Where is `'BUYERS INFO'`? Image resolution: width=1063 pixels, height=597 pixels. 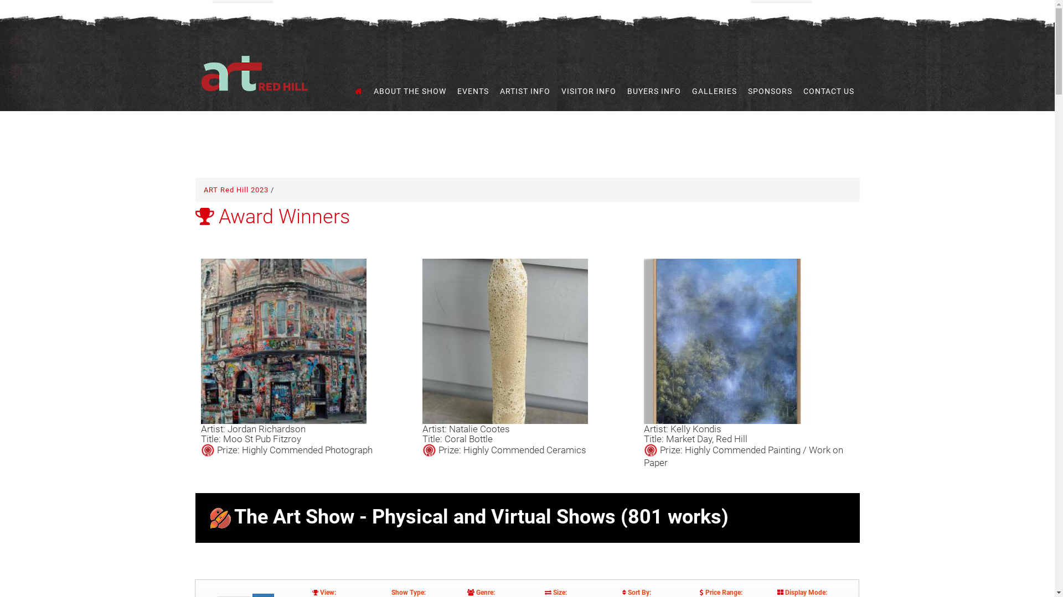
'BUYERS INFO' is located at coordinates (654, 91).